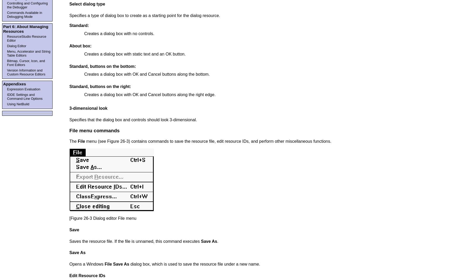 Image resolution: width=473 pixels, height=280 pixels. I want to click on 'menu (see Figure 26-3) contains commands to save the 
resource file, edit resource IDs, and perform other miscellaneous 
functions.', so click(208, 141).